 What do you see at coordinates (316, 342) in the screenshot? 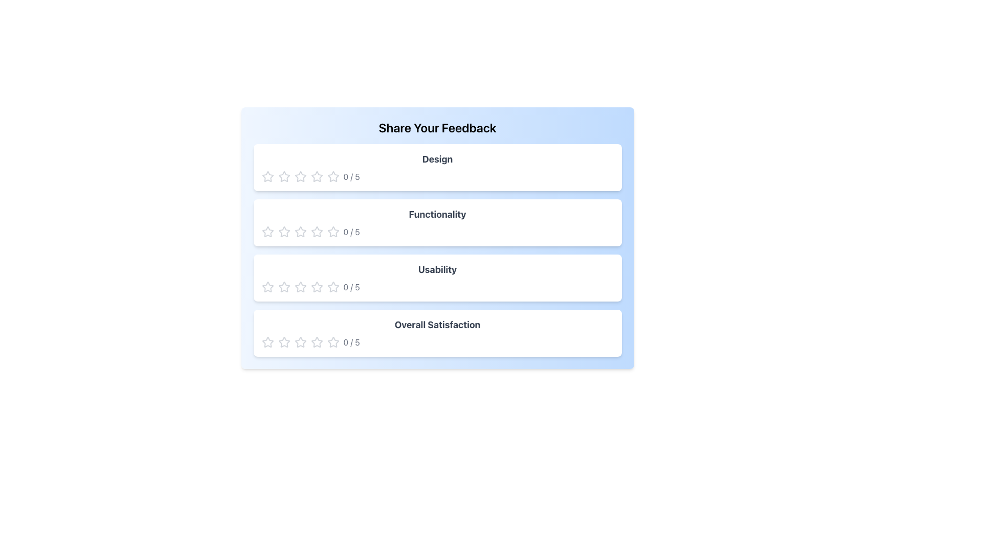
I see `the first star icon in the rating section for 'Overall Satisfaction'` at bounding box center [316, 342].